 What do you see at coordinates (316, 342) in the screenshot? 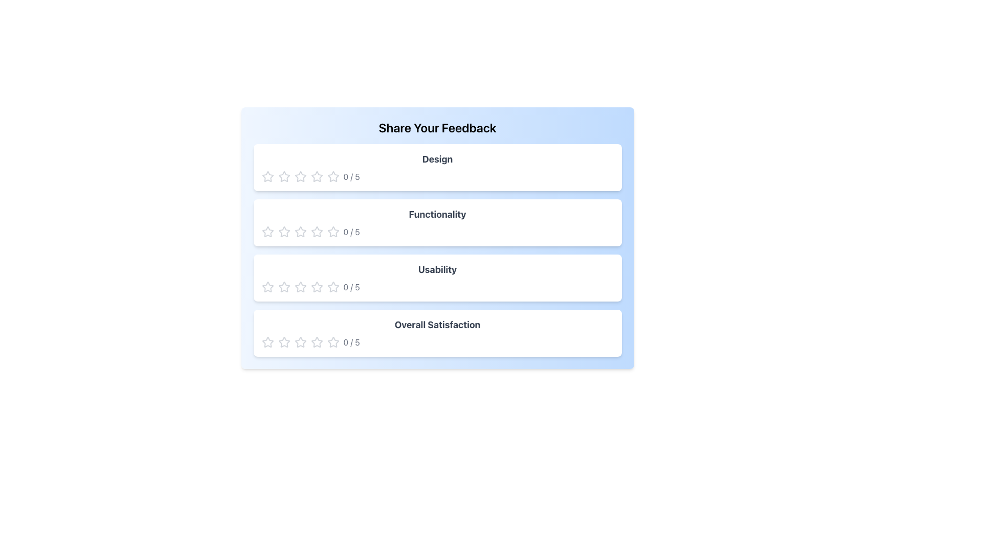
I see `the first star icon in the rating section for 'Overall Satisfaction'` at bounding box center [316, 342].